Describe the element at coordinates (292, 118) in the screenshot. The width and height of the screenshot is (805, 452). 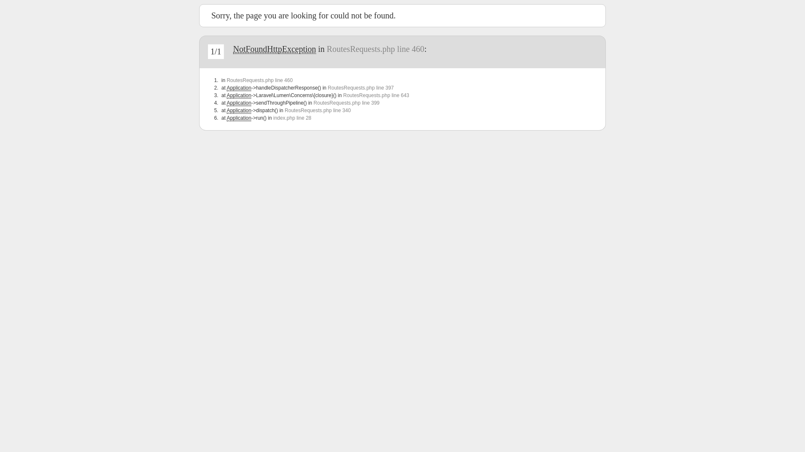
I see `'index.php line 28'` at that location.